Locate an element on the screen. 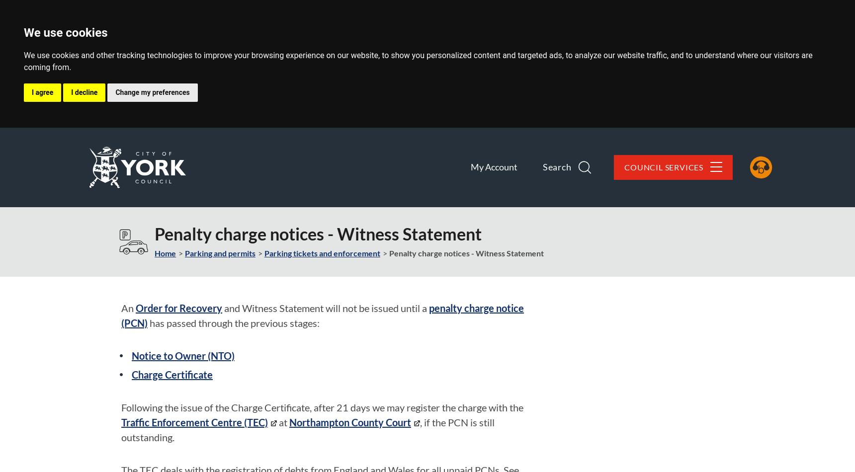 This screenshot has height=472, width=855. 'Traffic Enforcement Centre (TEC)' is located at coordinates (194, 421).